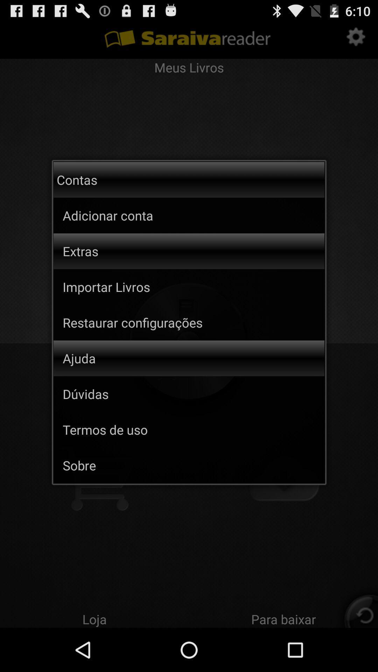 The height and width of the screenshot is (672, 378). Describe the element at coordinates (136, 215) in the screenshot. I see `adicionar conta                   icon` at that location.